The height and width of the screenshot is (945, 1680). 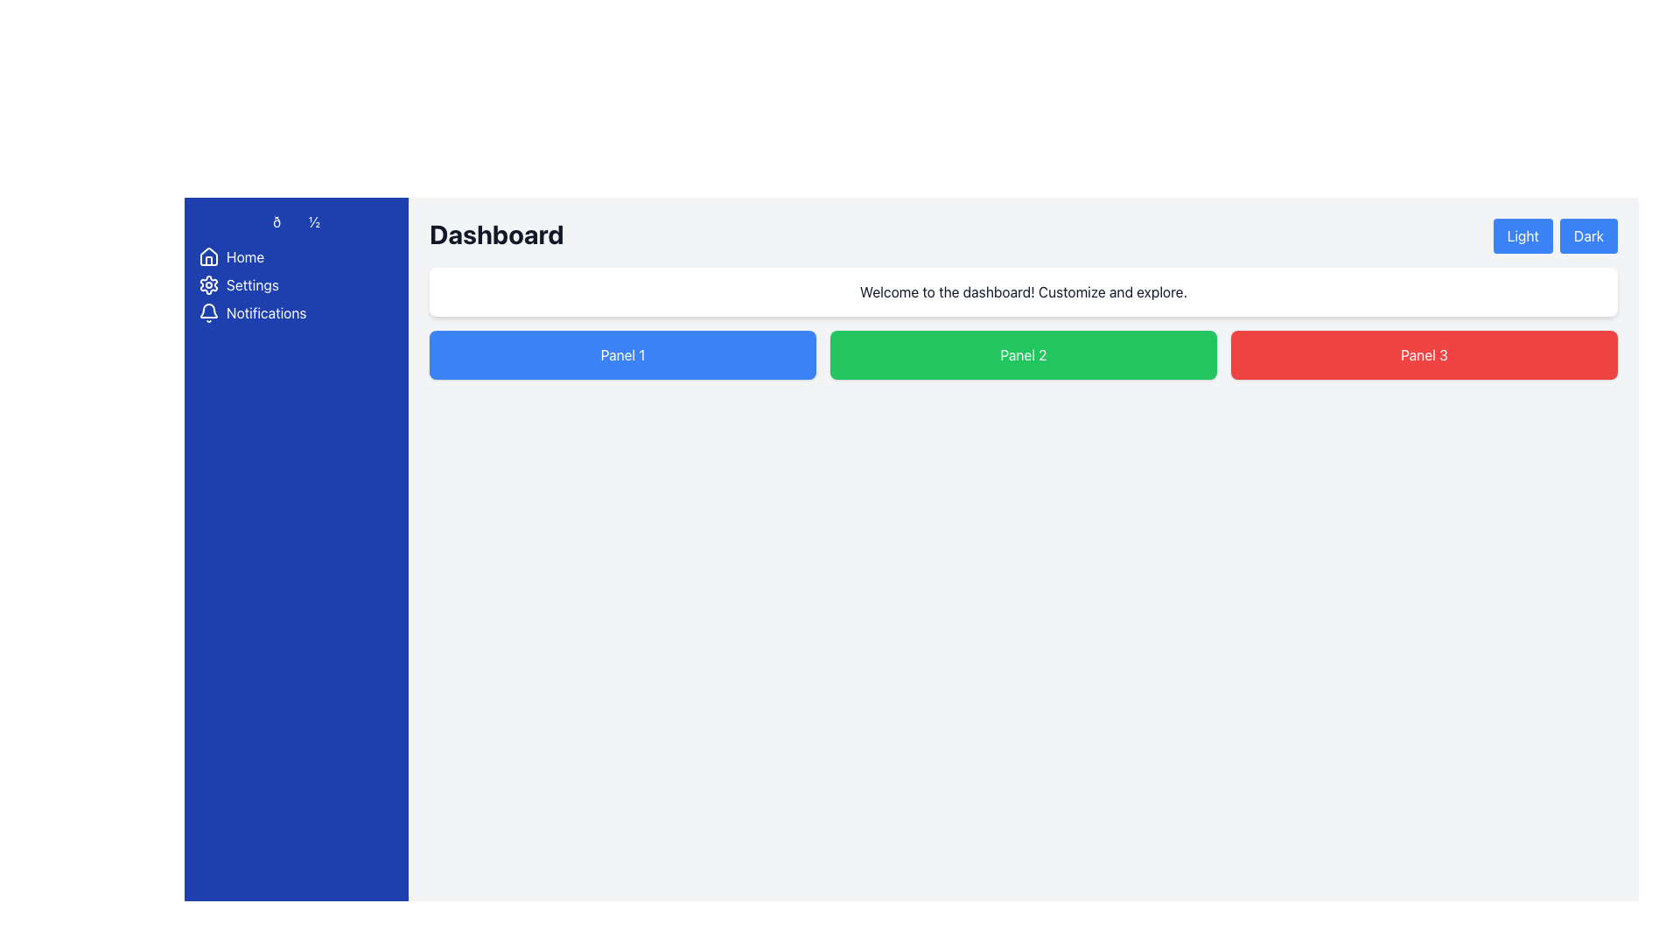 What do you see at coordinates (1024, 354) in the screenshot?
I see `the static panel element located in the center of three horizontally aligned panels, which is between 'Panel 1' on the left and 'Panel 3' on the right` at bounding box center [1024, 354].